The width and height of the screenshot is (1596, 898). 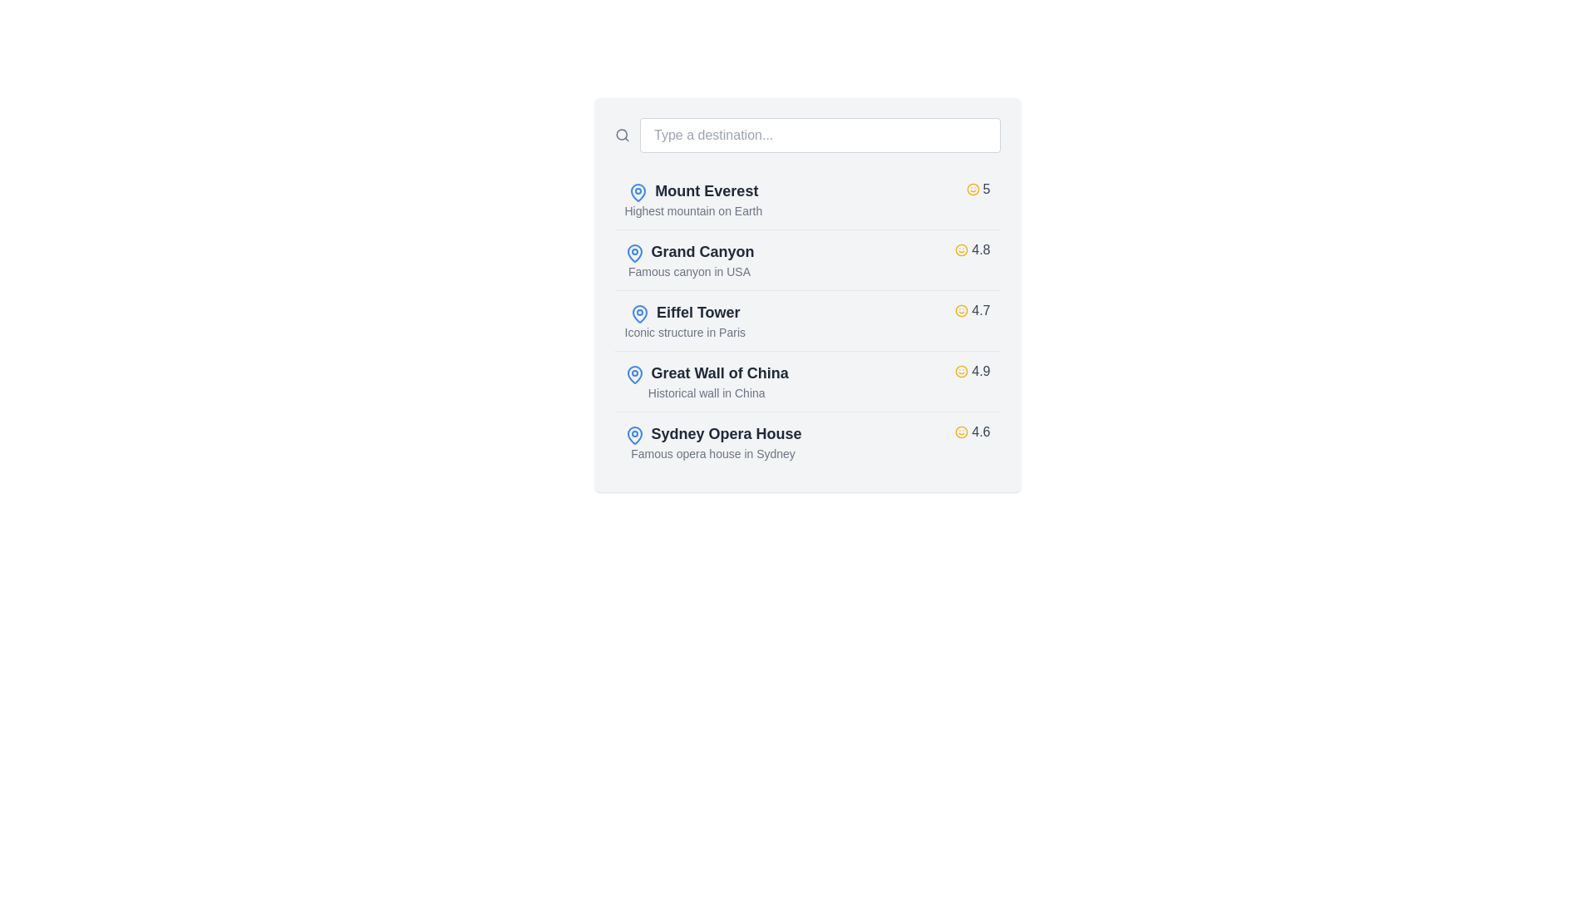 I want to click on the Text block with the bold title 'Great Wall of China' and the subtitle 'Historical wall in China', which is the fourth item in the vertical list of destinations, so click(x=707, y=382).